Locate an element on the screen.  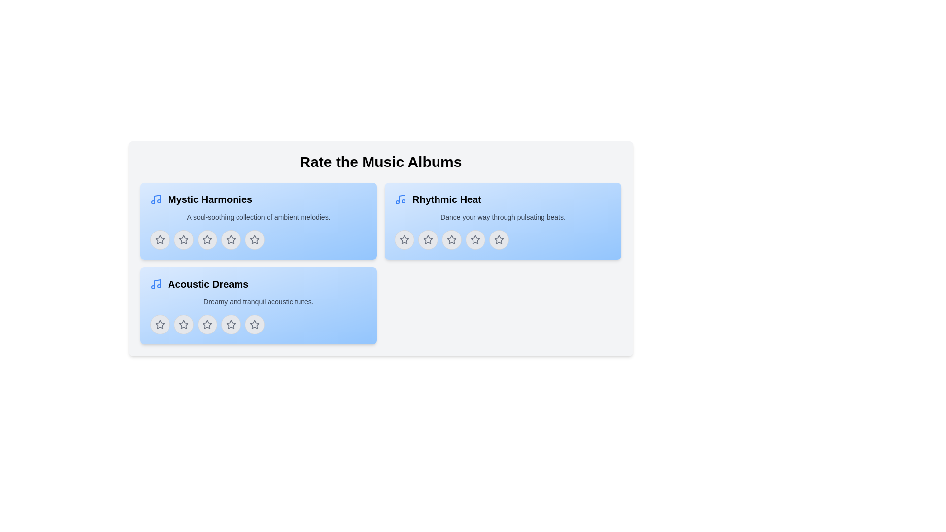
the fourth star icon from the left in the series of five stars for the 'Mystic Harmonies' album rating interface to trigger a visual response is located at coordinates (255, 239).